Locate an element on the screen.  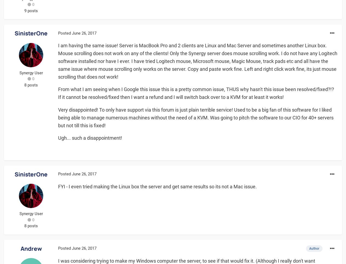
'Very disappointed! To only have support via this forum is just plain terrible service! Used to be a big fan of this software for I liked being able to manage numerous machines without the need of a KVM. Was going to pitch the software to our CIO for 40+ servers but not till this is fixed!' is located at coordinates (195, 117).